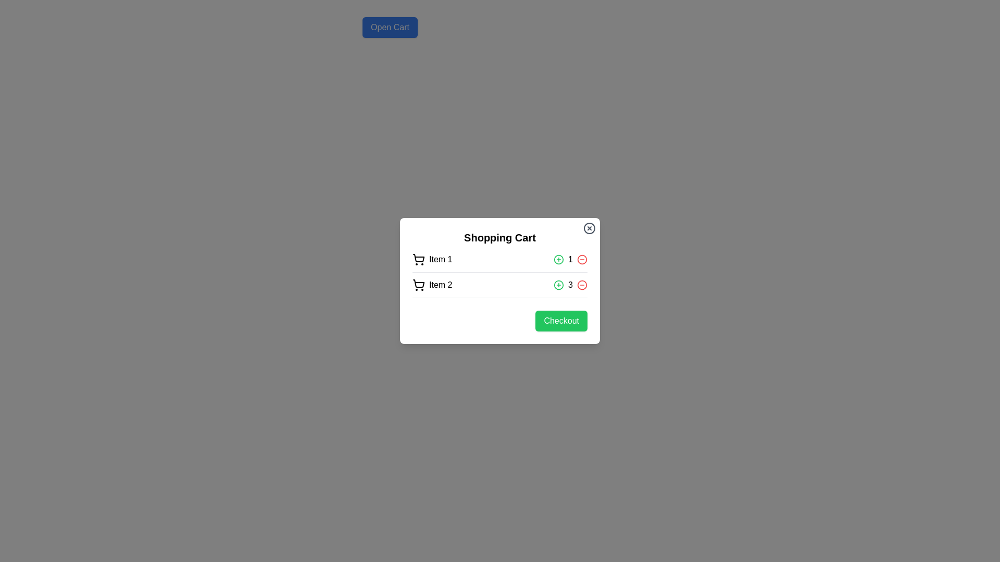 This screenshot has width=1000, height=562. I want to click on the bold text labeled 'Shopping Cart' which is located at the top center of a white rounded-corner card interface, so click(500, 237).